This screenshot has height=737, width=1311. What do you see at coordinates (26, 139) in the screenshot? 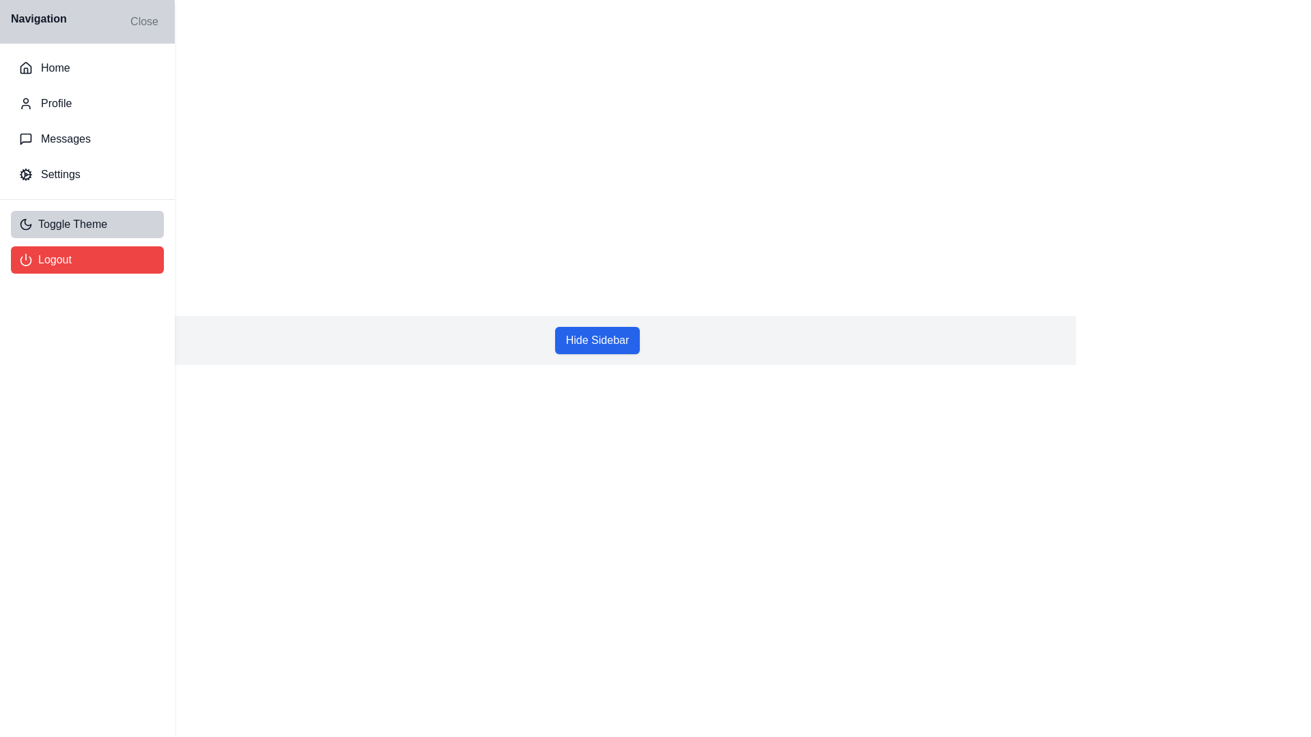
I see `the speech bubble icon in the 'Messages' button located to the left of the text 'Messages'` at bounding box center [26, 139].